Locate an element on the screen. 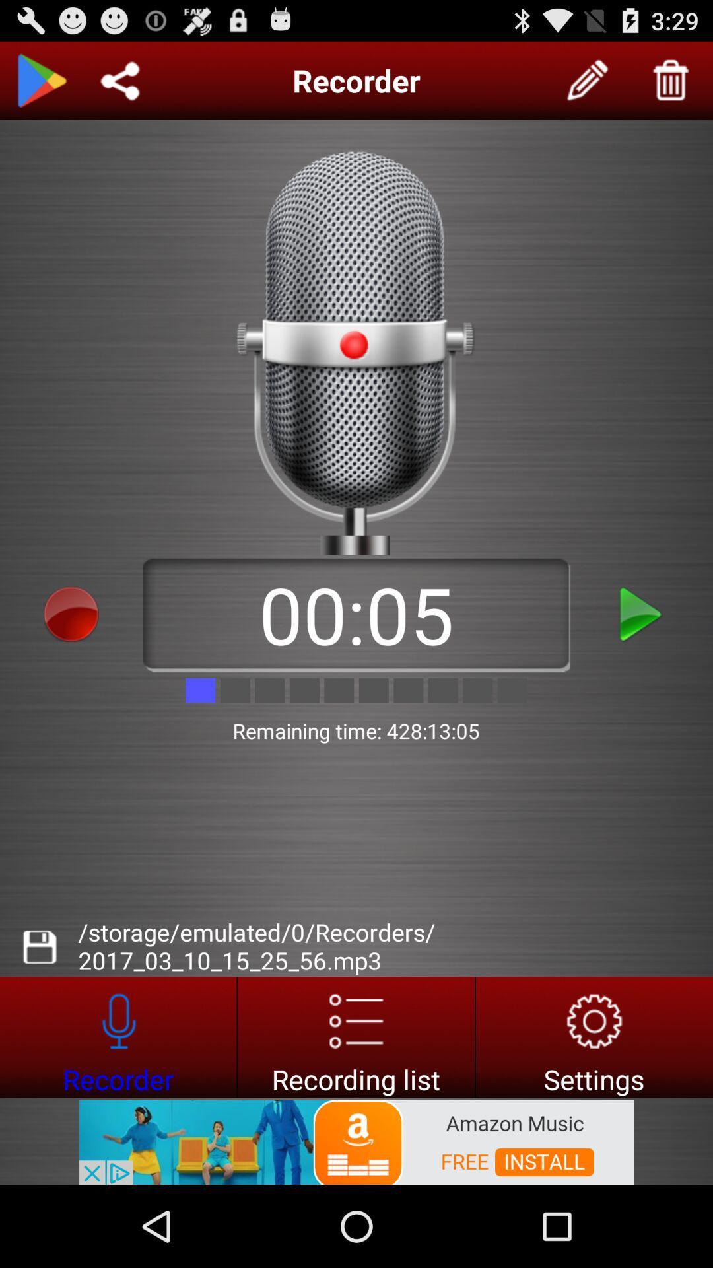 This screenshot has width=713, height=1268. share recording is located at coordinates (119, 80).